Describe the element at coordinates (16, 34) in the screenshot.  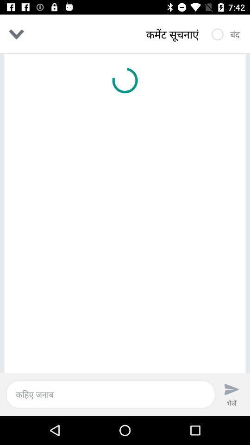
I see `the expand_more icon` at that location.